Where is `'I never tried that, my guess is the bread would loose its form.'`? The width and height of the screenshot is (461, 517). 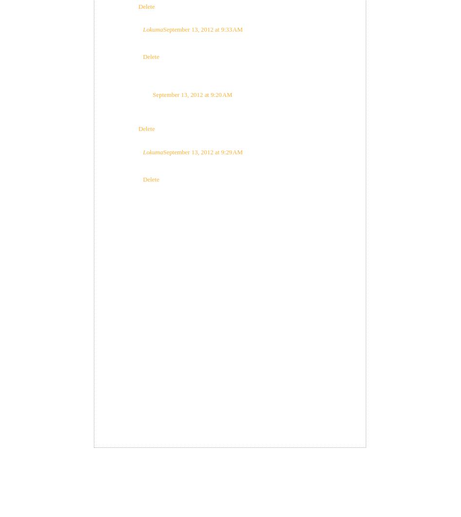
'I never tried that, my guess is the bread would loose its form.' is located at coordinates (219, 165).